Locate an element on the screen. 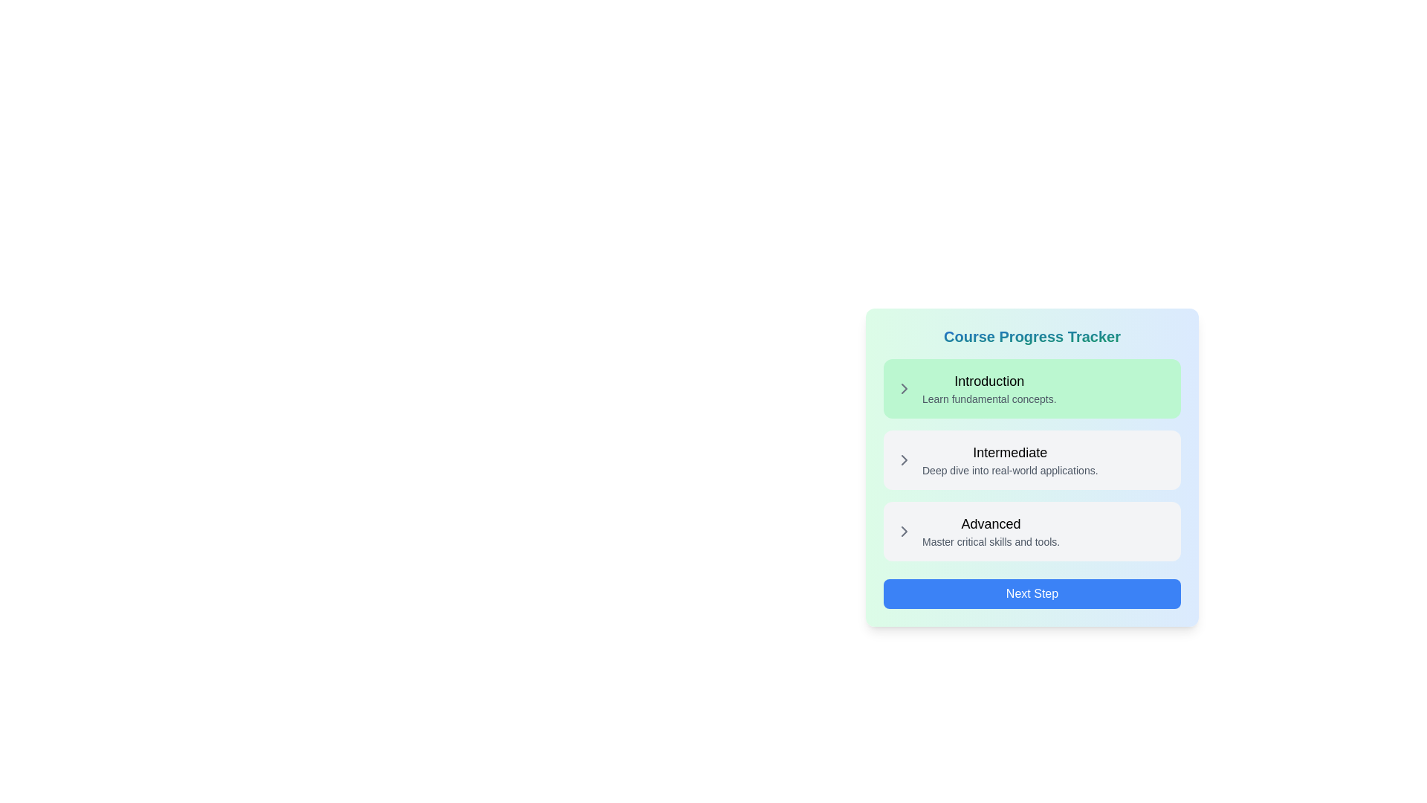 The image size is (1427, 803). the navigation icon located to the left of the 'Introduction' text in the course tracker module to indicate interaction is located at coordinates (904, 388).